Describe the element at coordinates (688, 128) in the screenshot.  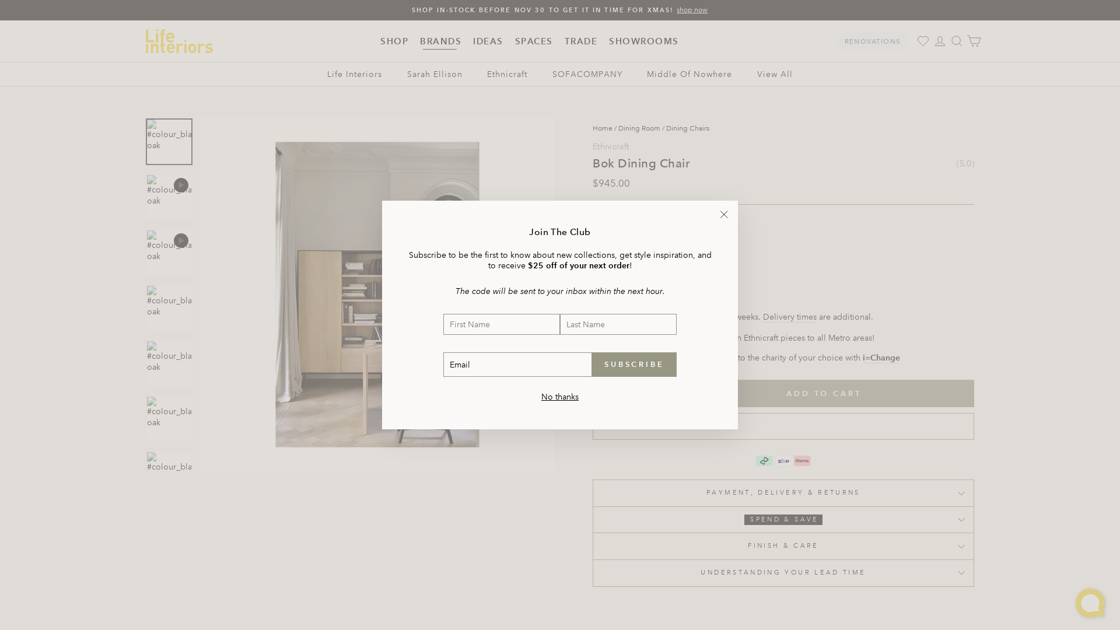
I see `'Dining Chairs'` at that location.